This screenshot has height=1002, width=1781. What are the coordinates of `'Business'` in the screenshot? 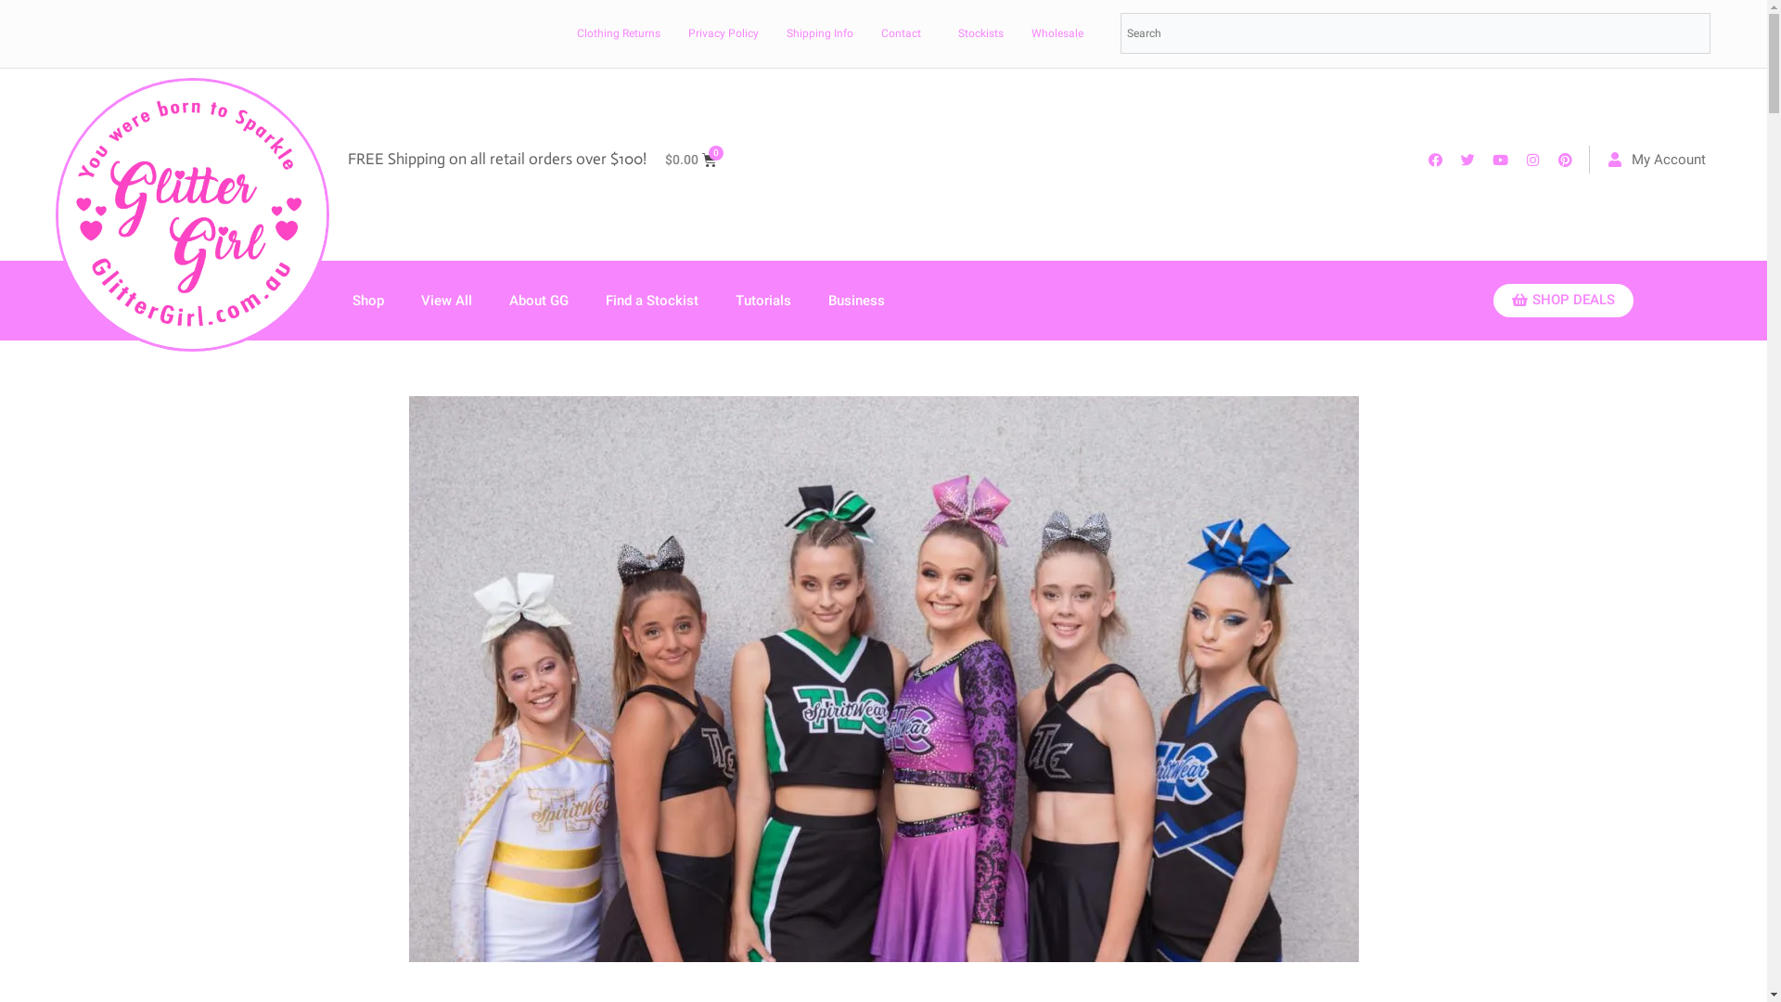 It's located at (855, 300).